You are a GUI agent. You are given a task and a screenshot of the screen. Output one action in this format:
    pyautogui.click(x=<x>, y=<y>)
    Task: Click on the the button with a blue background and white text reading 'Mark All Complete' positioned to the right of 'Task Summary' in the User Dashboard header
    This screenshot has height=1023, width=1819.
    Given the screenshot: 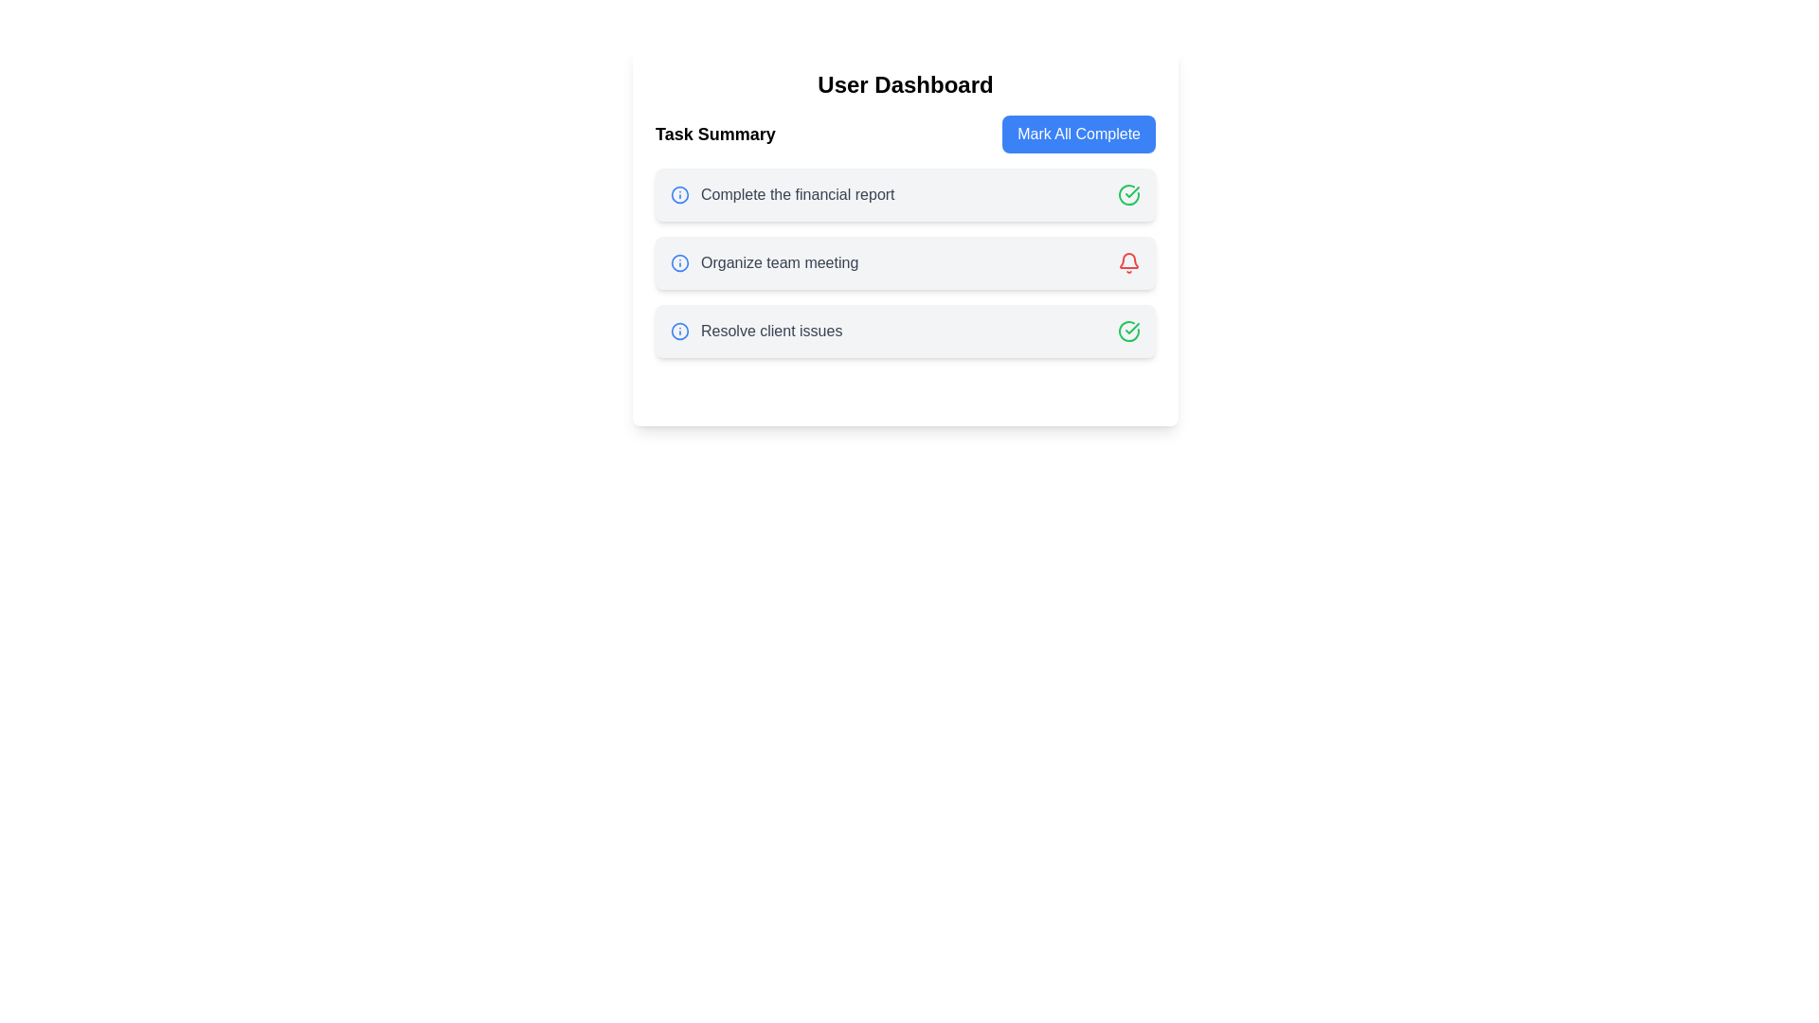 What is the action you would take?
    pyautogui.click(x=1079, y=134)
    